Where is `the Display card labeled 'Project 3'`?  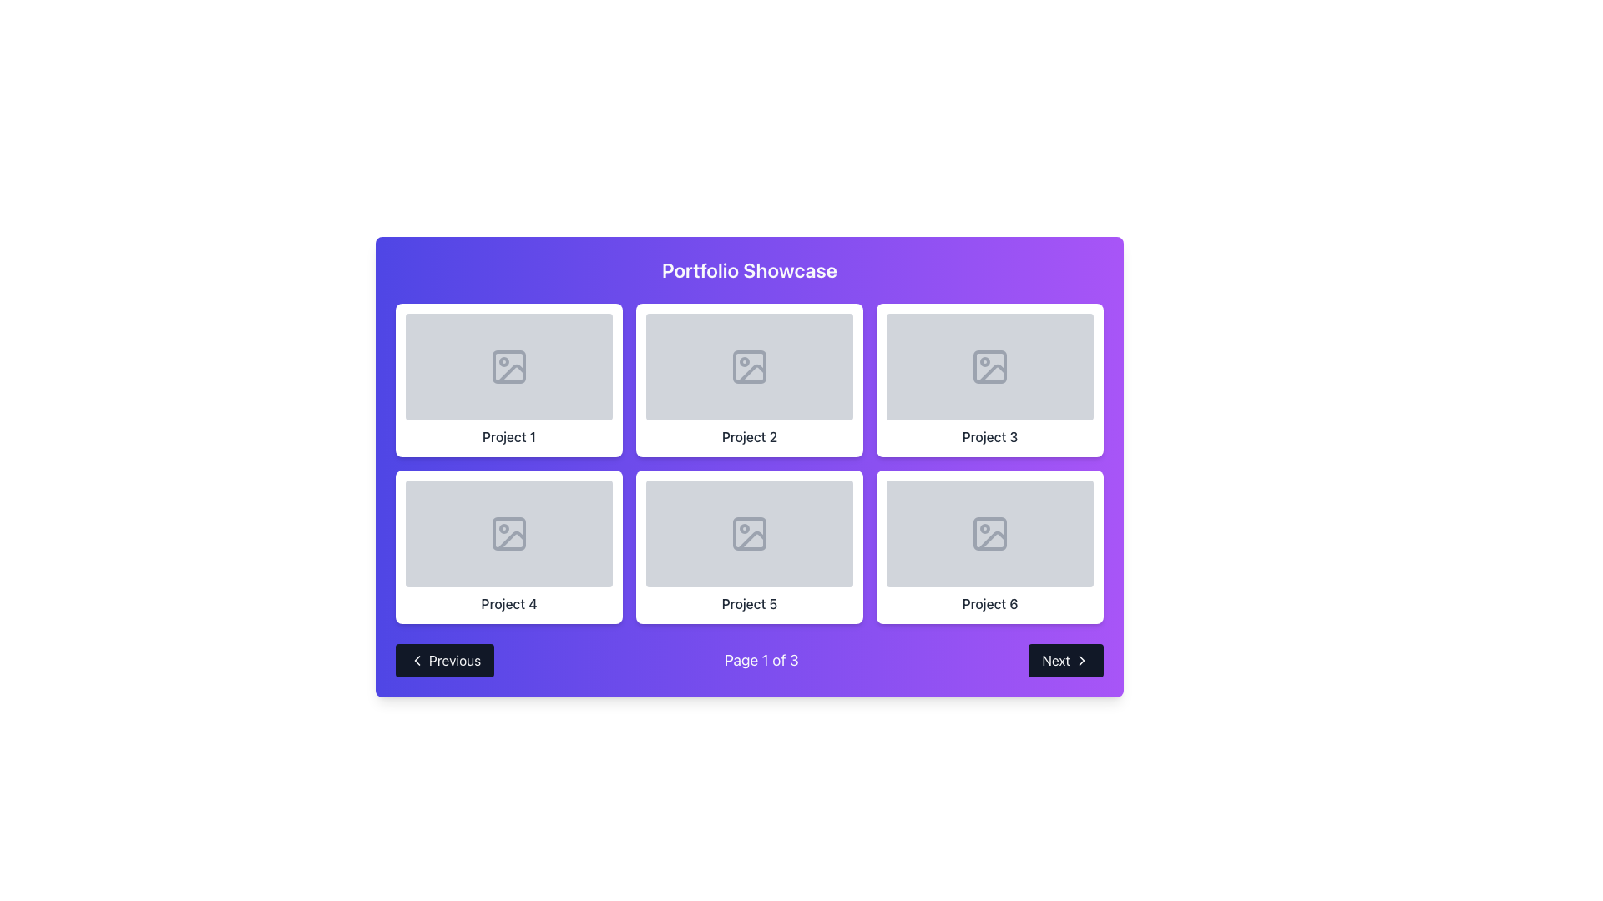
the Display card labeled 'Project 3' is located at coordinates (989, 380).